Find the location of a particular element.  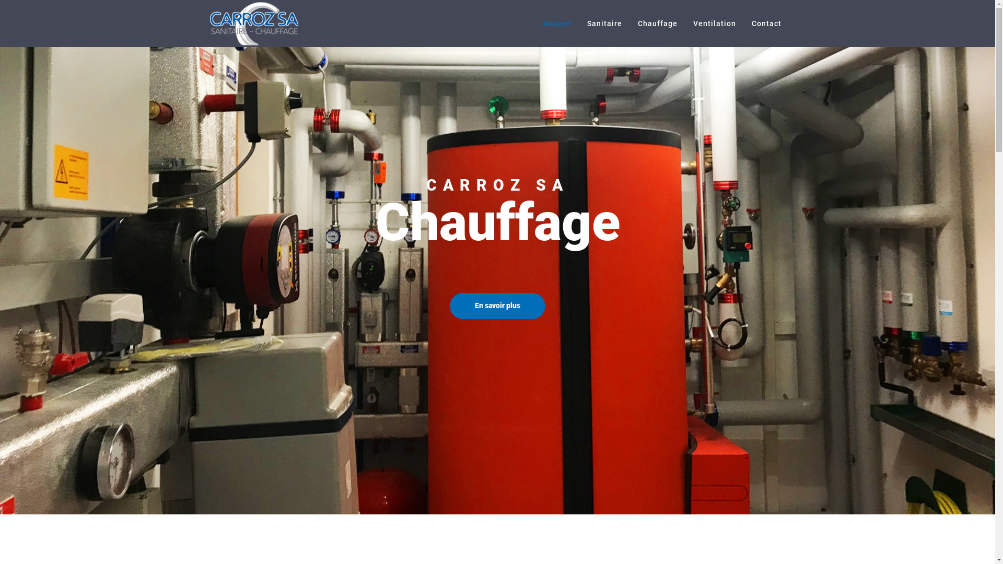

'Accueil' is located at coordinates (556, 23).